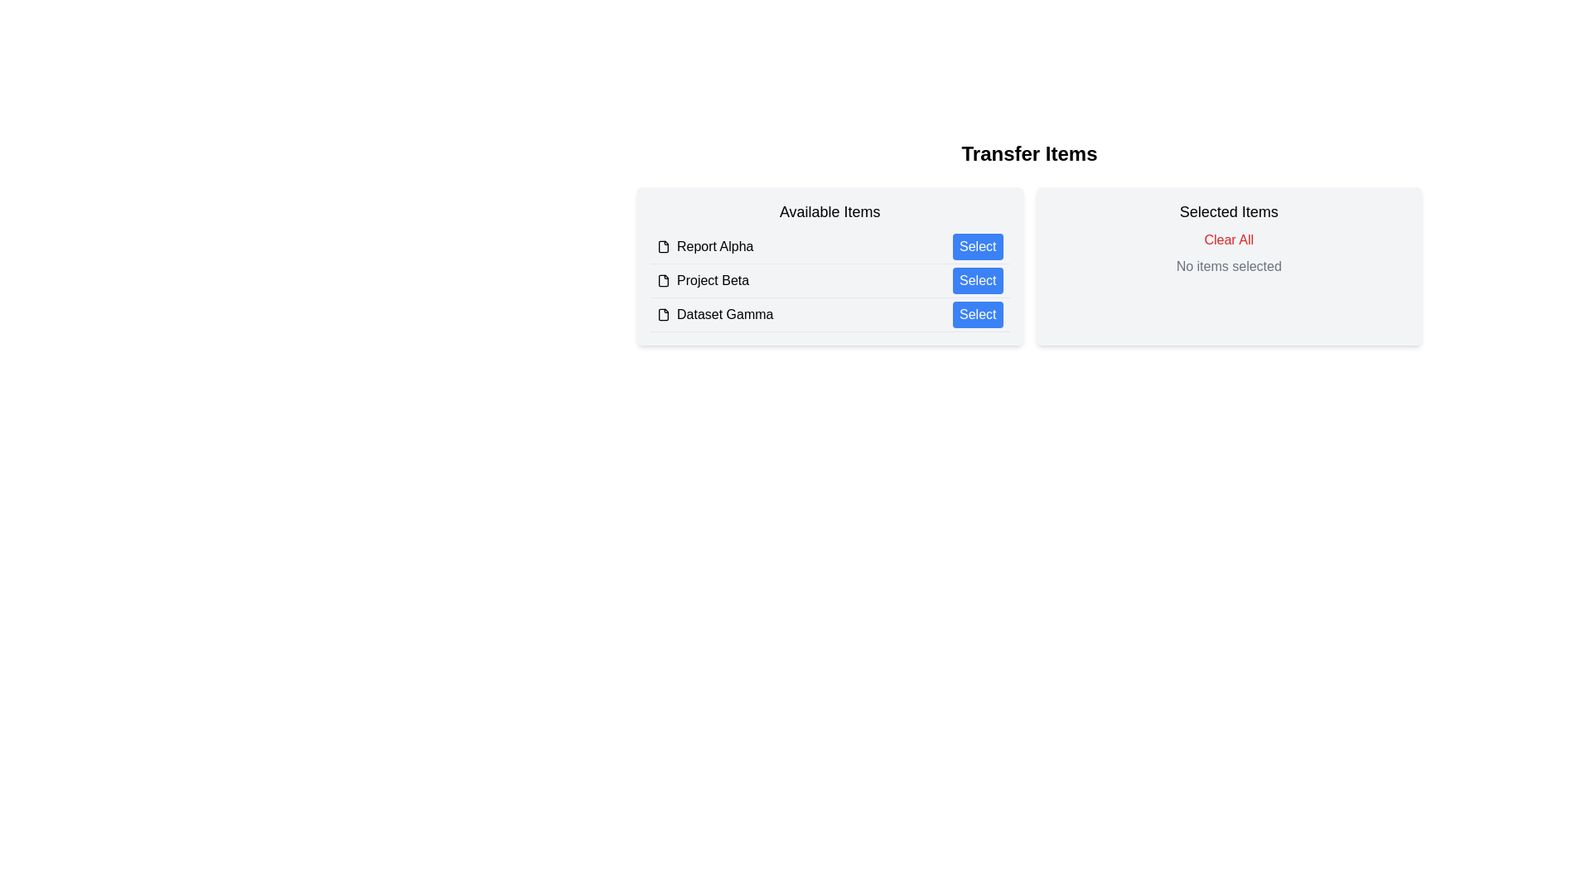 The height and width of the screenshot is (895, 1591). What do you see at coordinates (978, 315) in the screenshot?
I see `the third 'Select' button with a blue background and white text located next to 'Dataset Gamma' in the 'Available Items' section` at bounding box center [978, 315].